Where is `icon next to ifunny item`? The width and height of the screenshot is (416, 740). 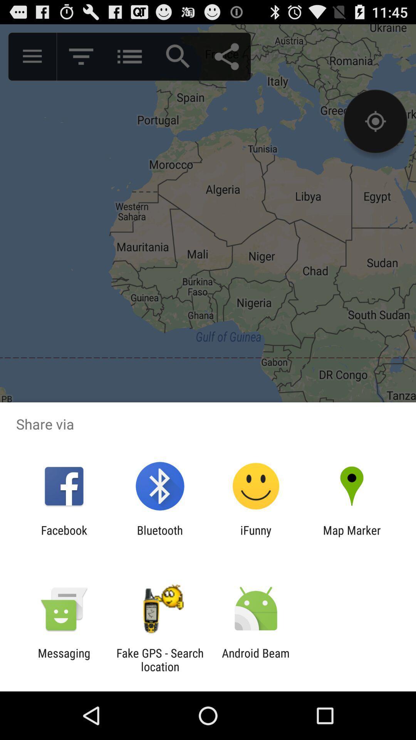
icon next to ifunny item is located at coordinates (352, 536).